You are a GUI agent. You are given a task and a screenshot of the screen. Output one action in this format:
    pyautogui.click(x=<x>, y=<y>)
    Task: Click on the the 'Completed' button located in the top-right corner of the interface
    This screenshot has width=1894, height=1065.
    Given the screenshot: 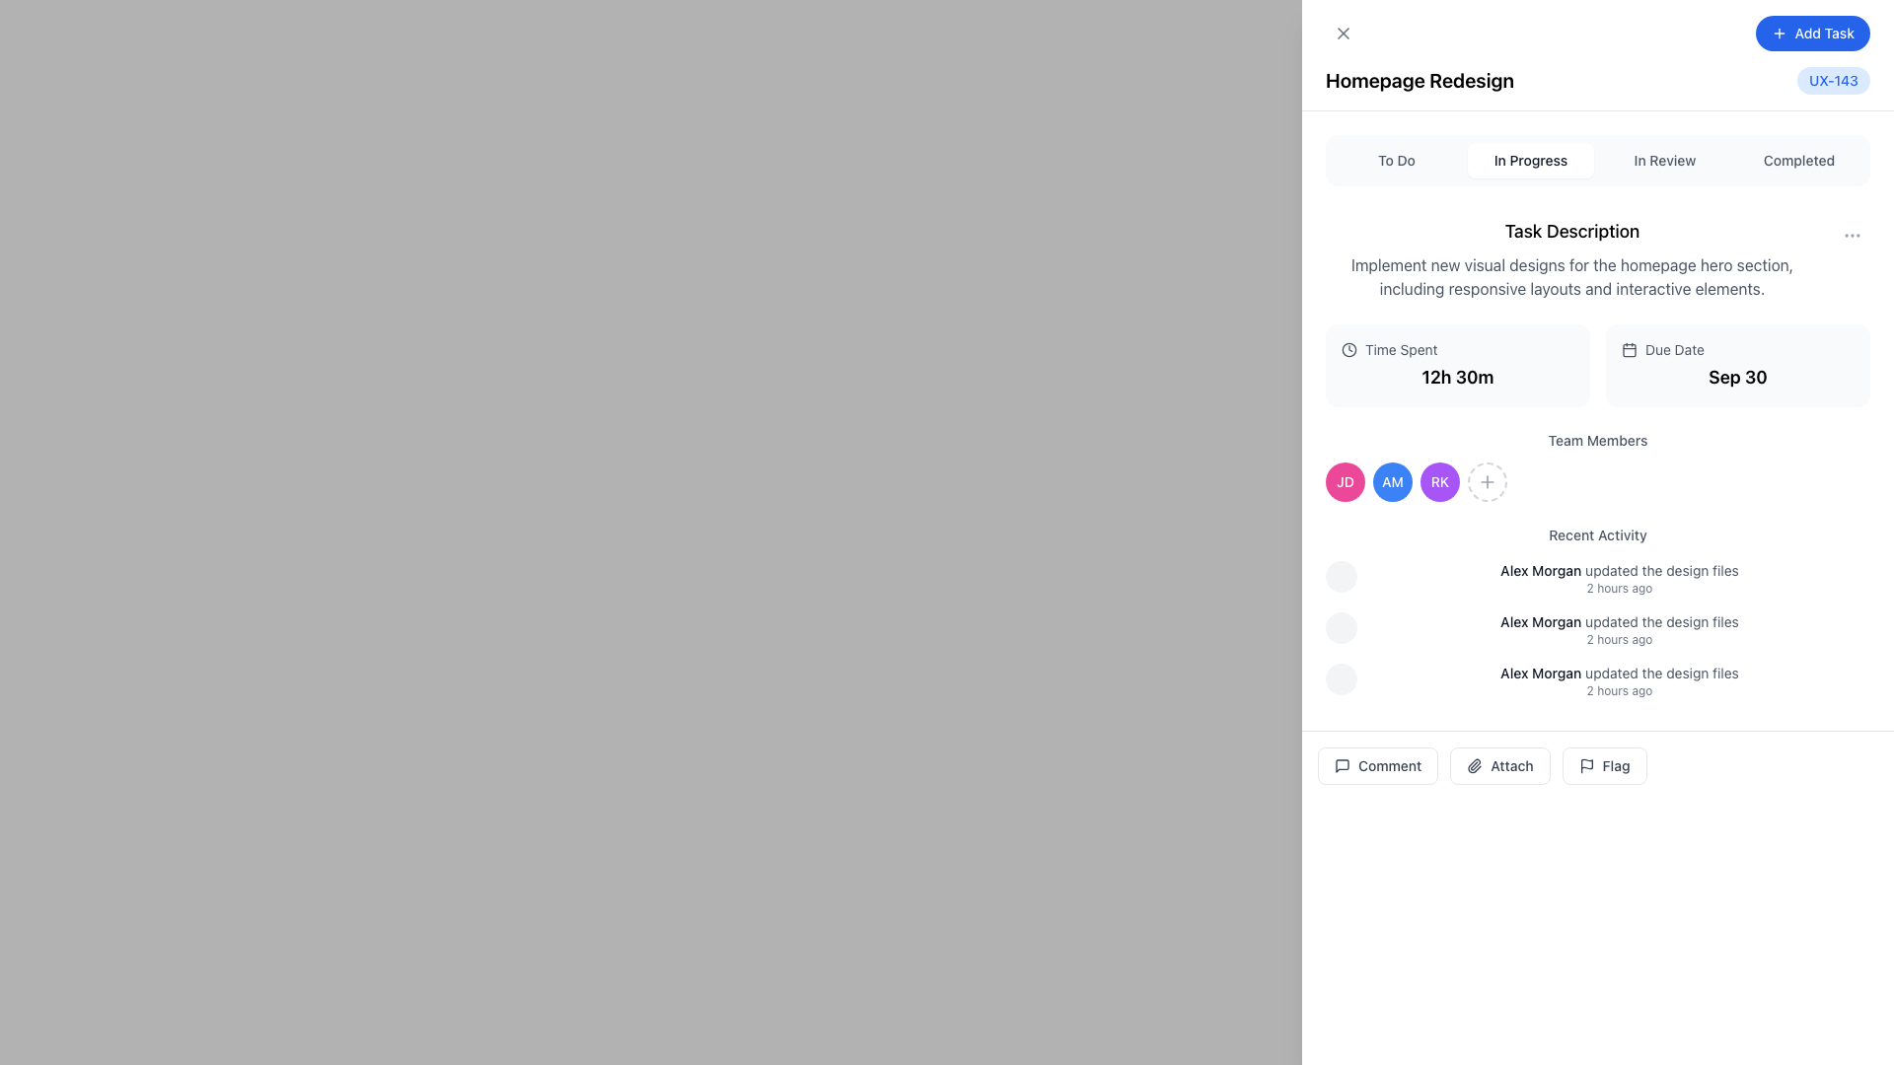 What is the action you would take?
    pyautogui.click(x=1799, y=159)
    